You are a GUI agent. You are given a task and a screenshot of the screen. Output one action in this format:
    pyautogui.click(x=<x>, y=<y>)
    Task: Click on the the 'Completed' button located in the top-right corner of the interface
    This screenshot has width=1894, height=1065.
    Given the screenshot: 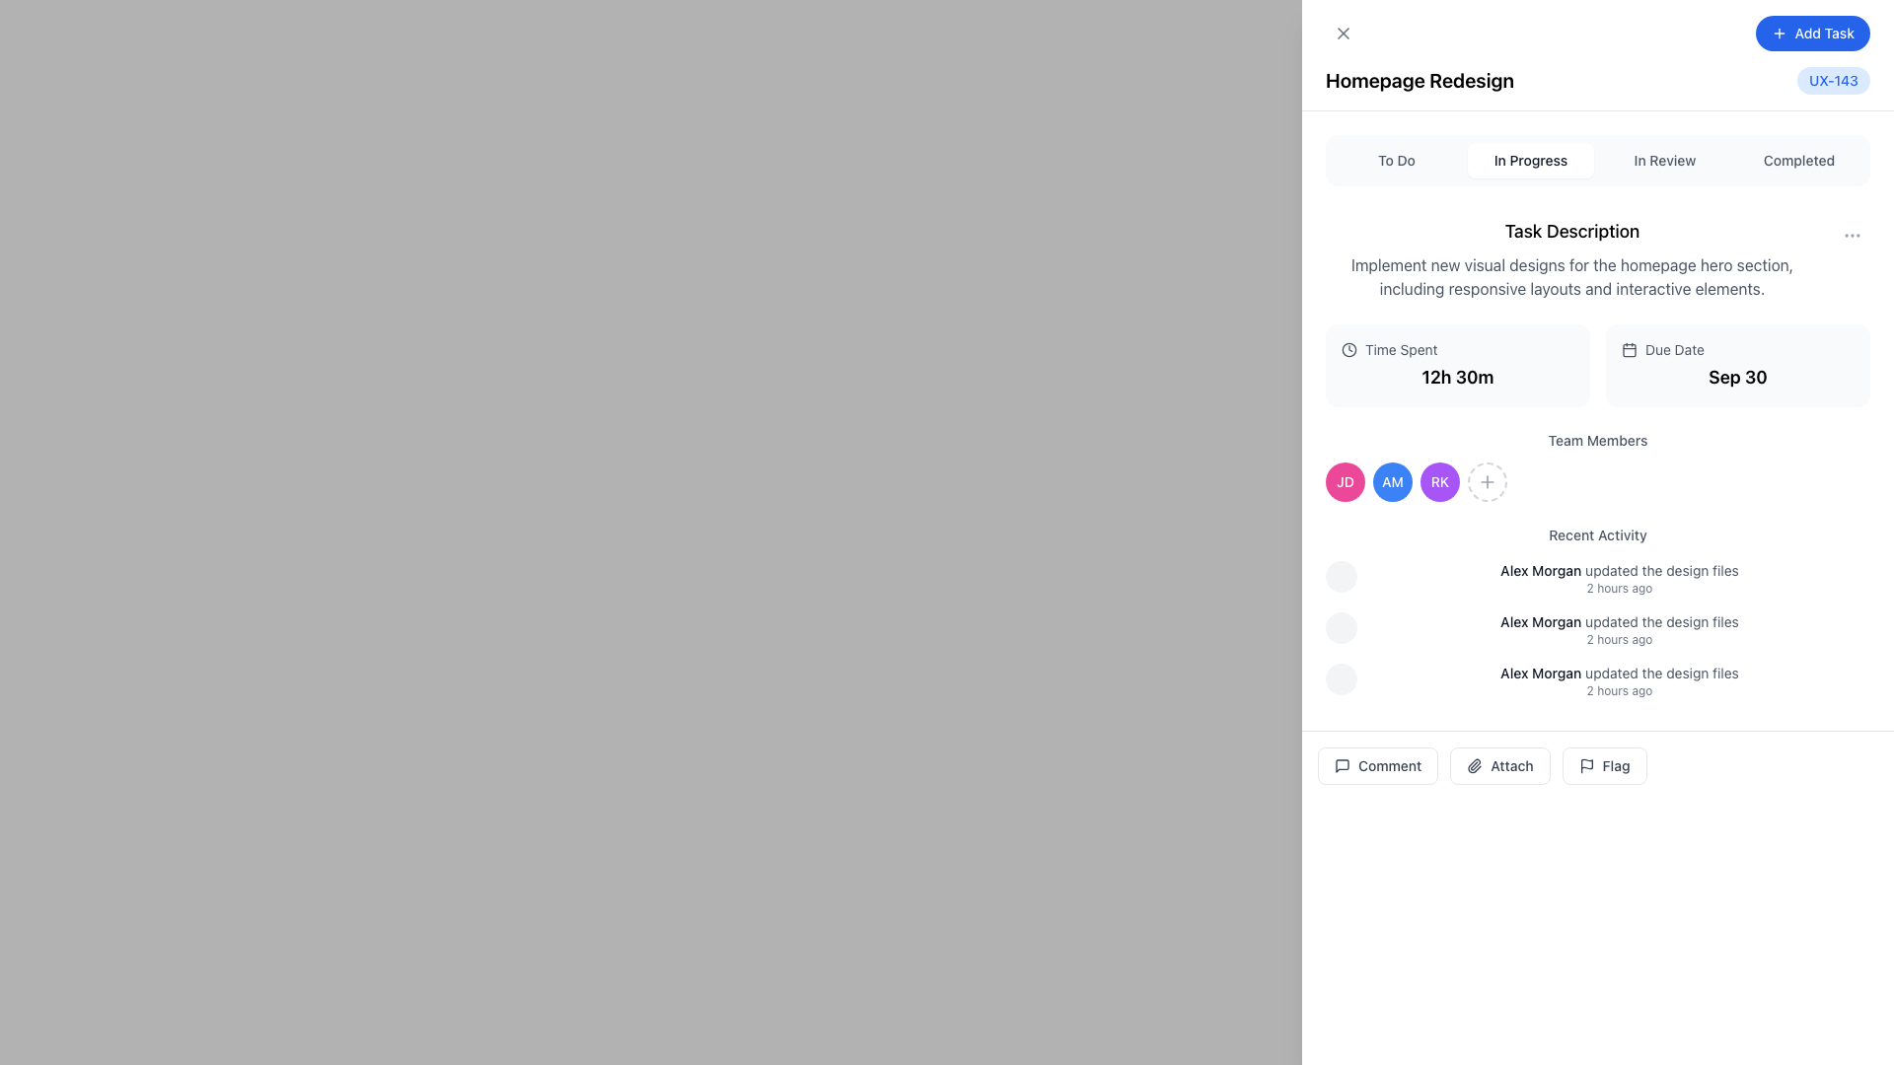 What is the action you would take?
    pyautogui.click(x=1799, y=159)
    